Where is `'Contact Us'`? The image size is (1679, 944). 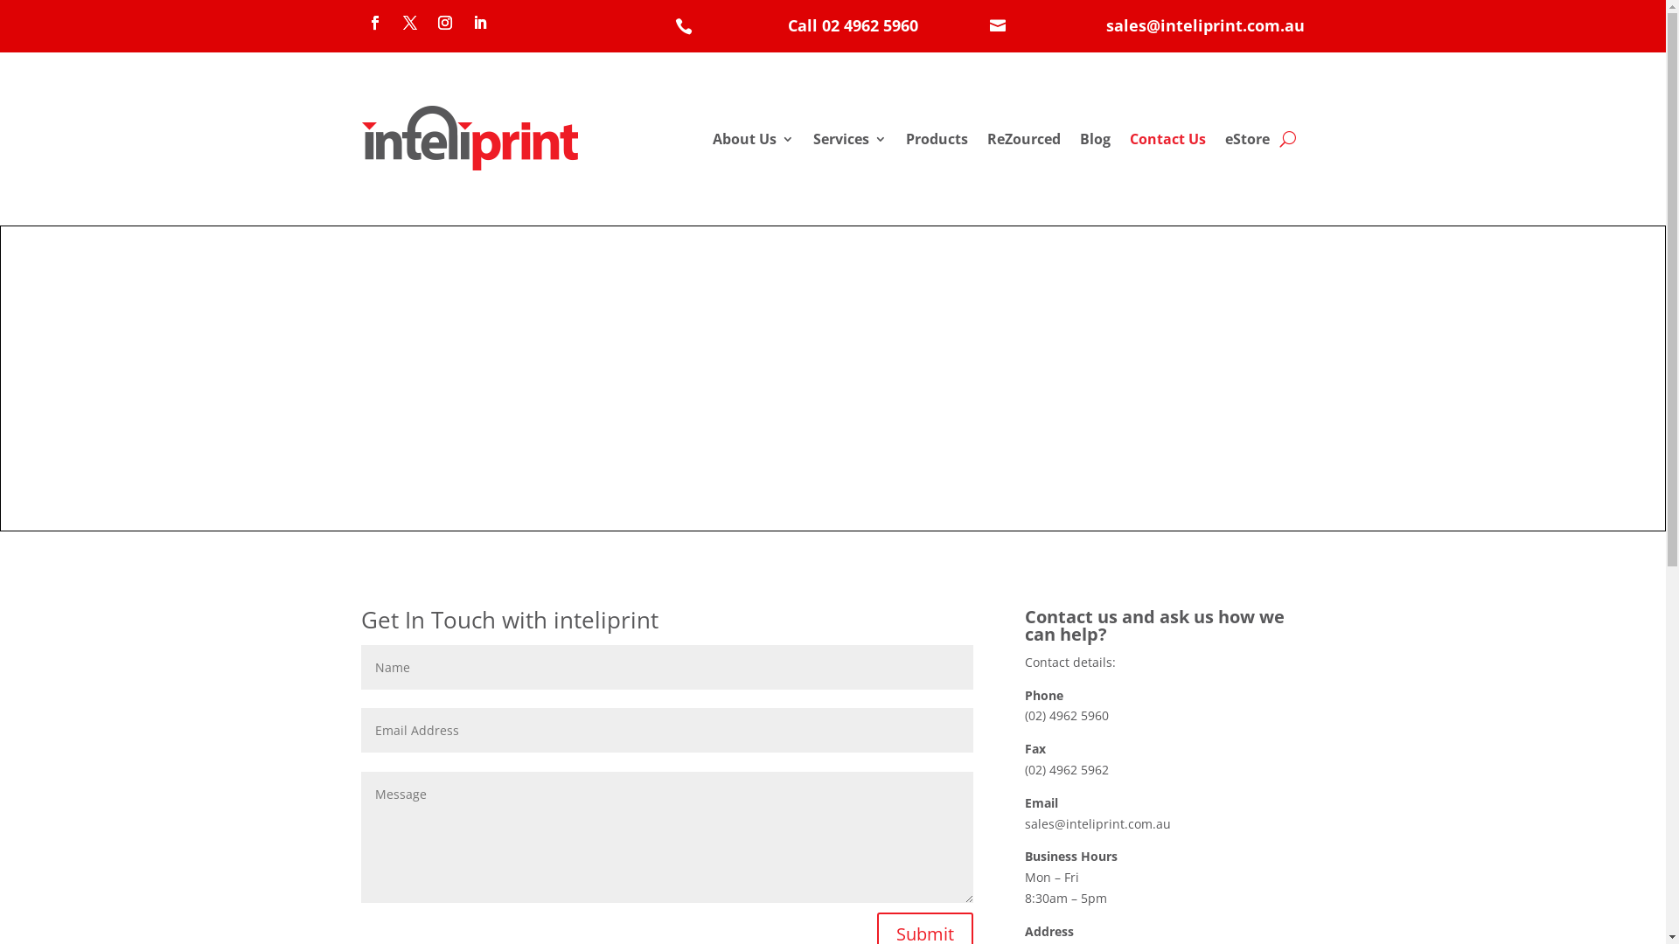 'Contact Us' is located at coordinates (1167, 137).